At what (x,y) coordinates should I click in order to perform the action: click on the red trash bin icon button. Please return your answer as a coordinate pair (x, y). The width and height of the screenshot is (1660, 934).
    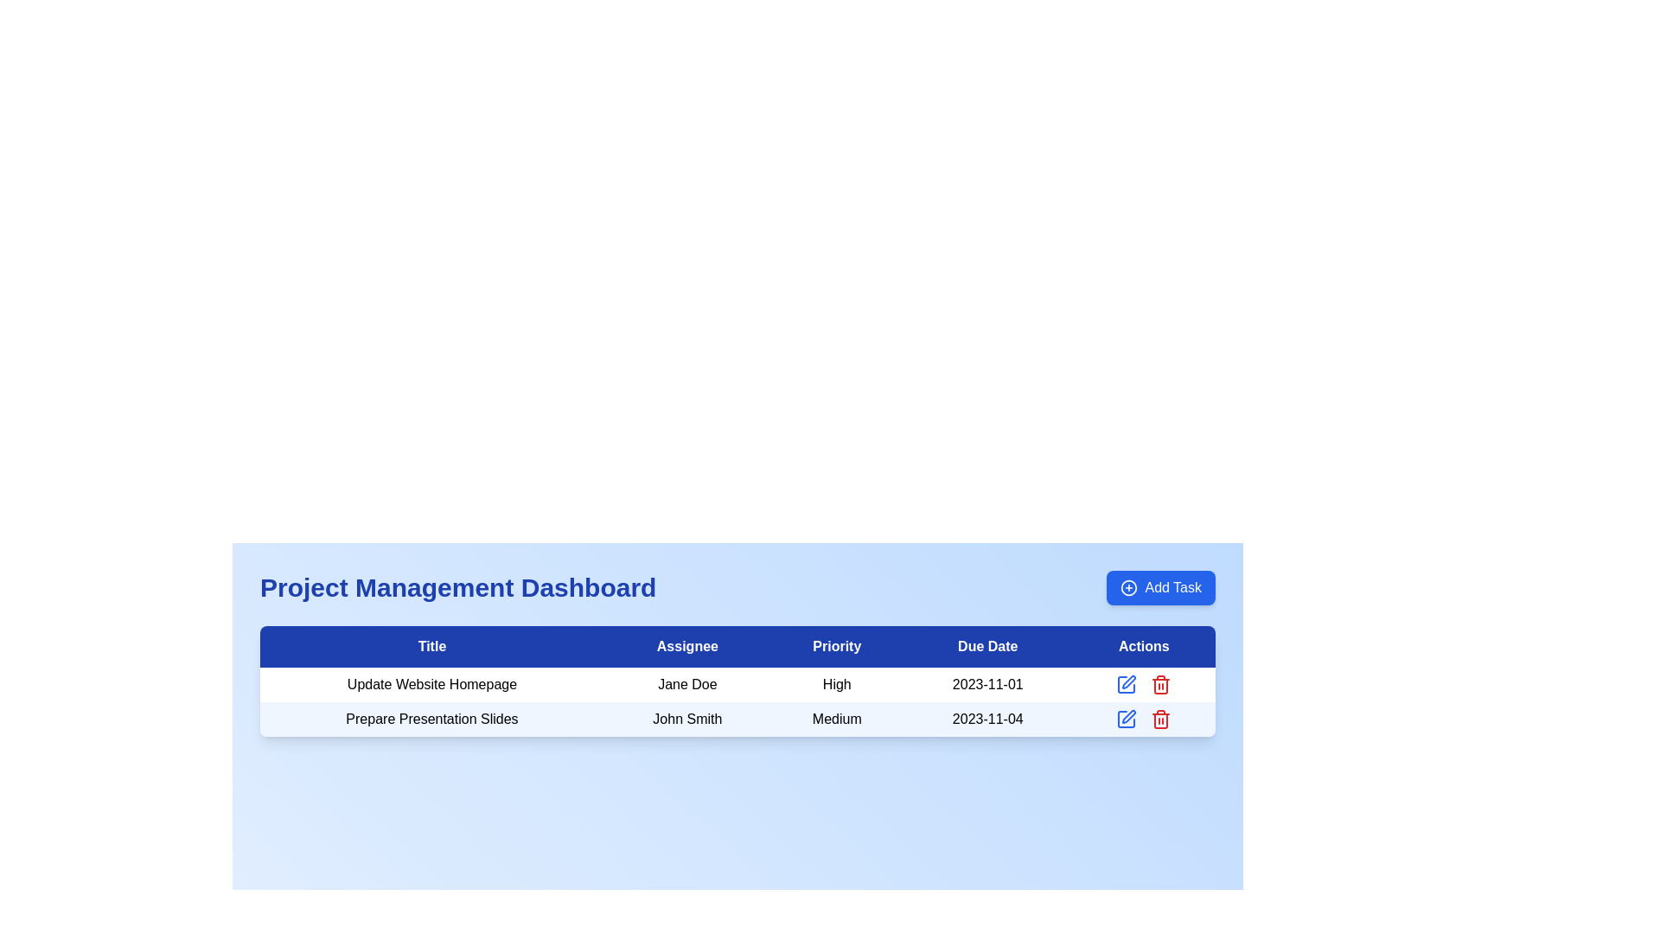
    Looking at the image, I should click on (1144, 683).